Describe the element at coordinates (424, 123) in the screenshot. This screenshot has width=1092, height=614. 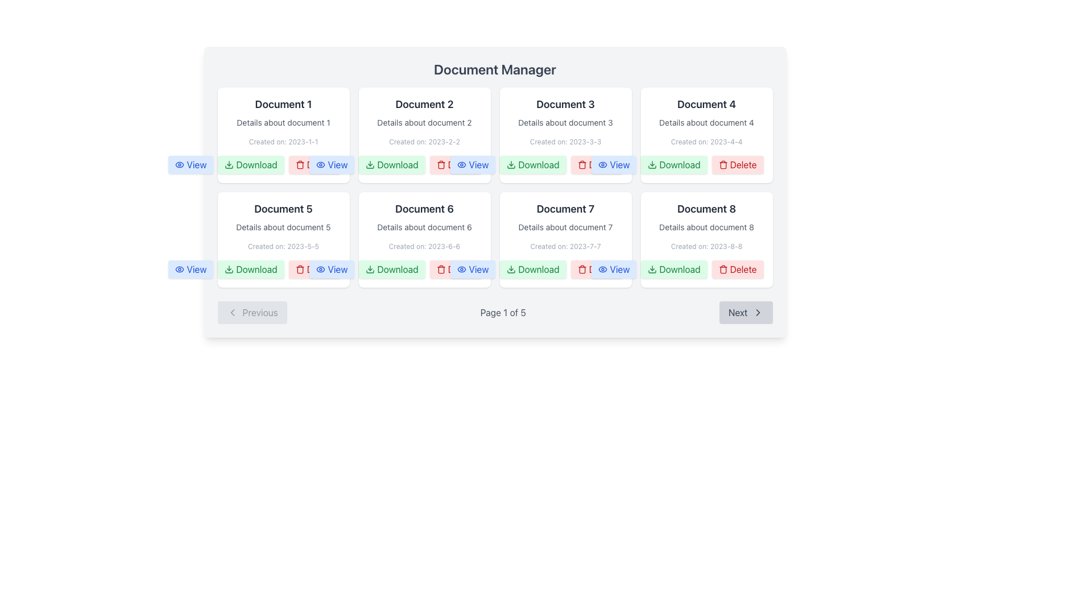
I see `the text label that reads 'Details about document 2', which is styled with a small font size and light gray color, positioned between the title 'Document 2' and the creation date 'Created on: 2023-2-2'` at that location.